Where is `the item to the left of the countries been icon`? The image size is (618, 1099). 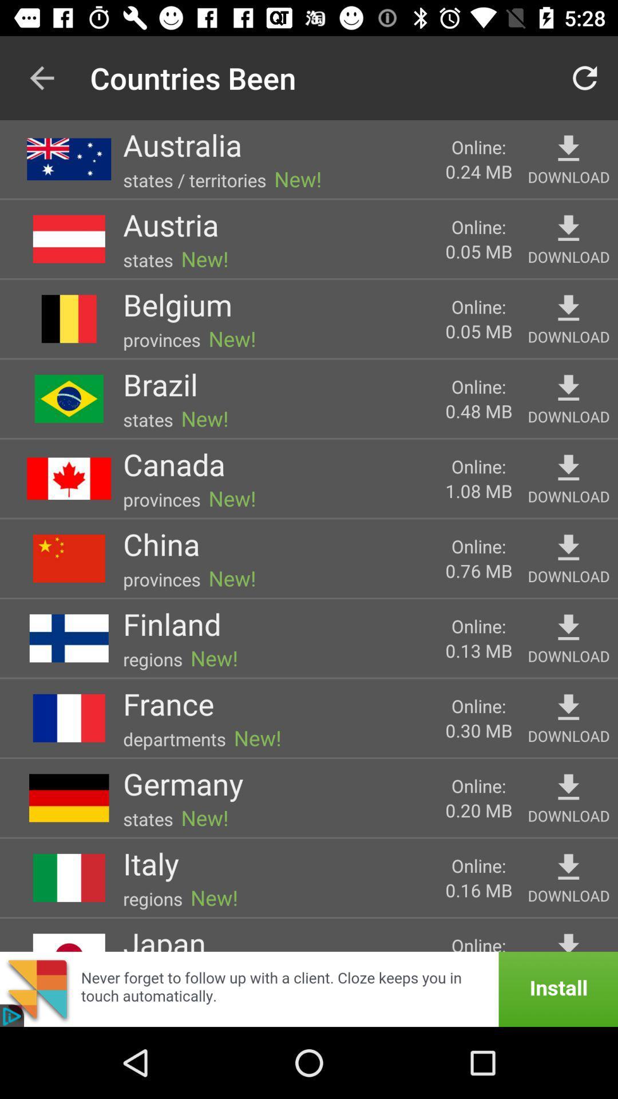
the item to the left of the countries been icon is located at coordinates (41, 77).